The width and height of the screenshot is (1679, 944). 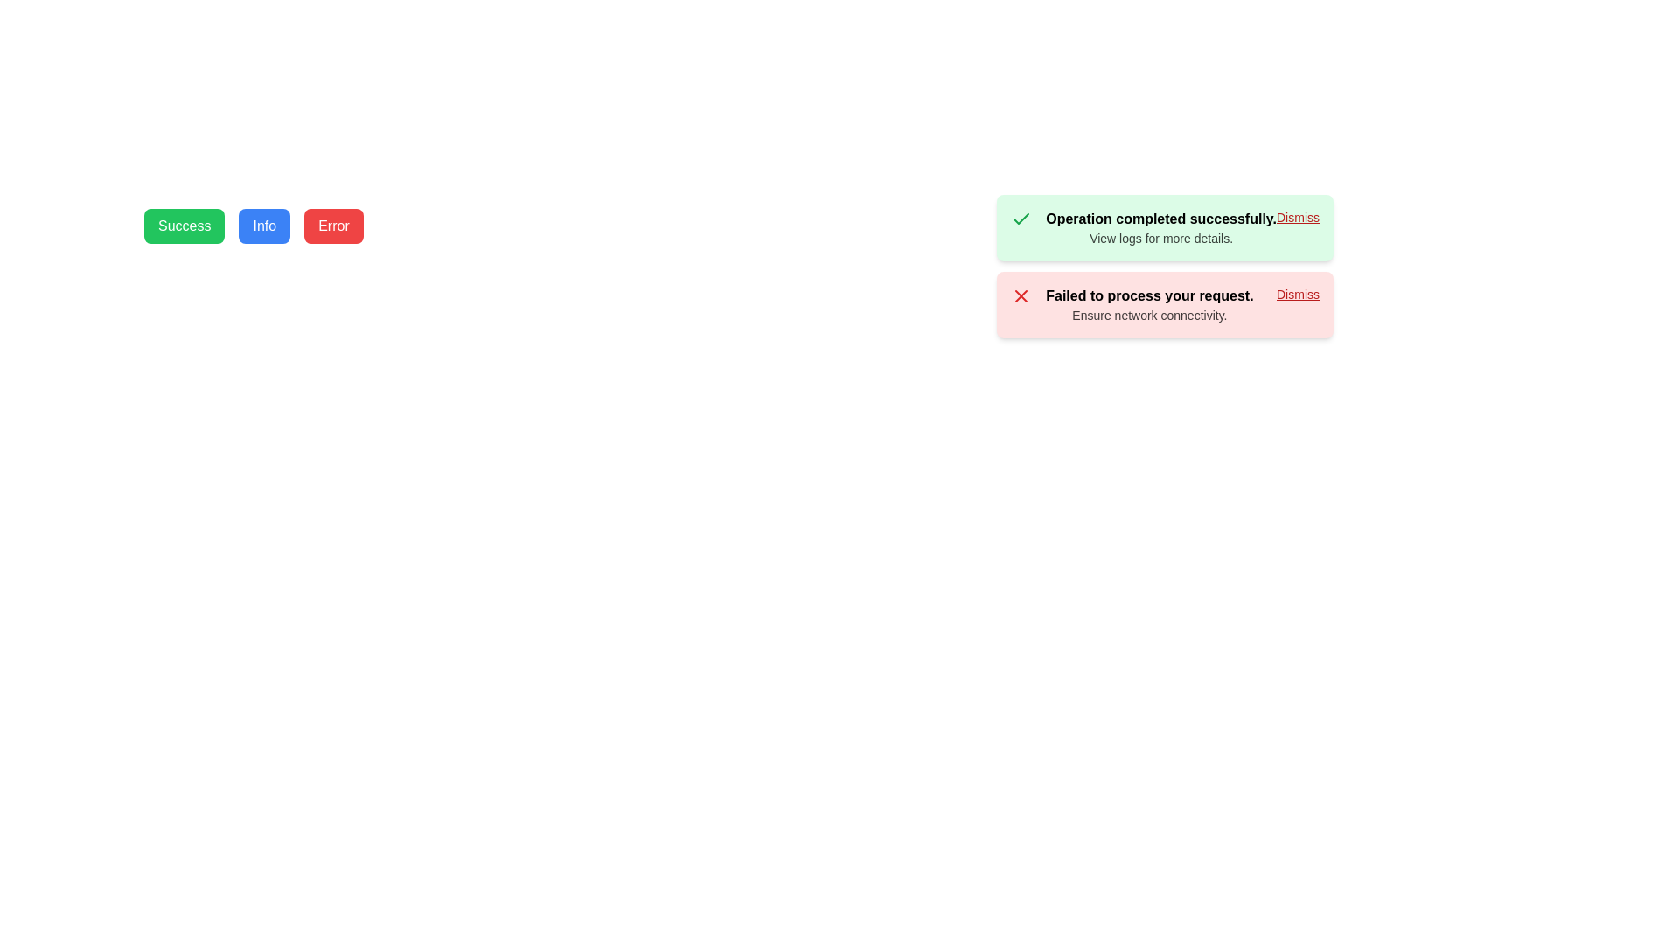 What do you see at coordinates (333, 225) in the screenshot?
I see `the 'Error' button, which is the third button in a horizontal sequence of buttons labeled 'Success,' 'Info,' and 'Error,'` at bounding box center [333, 225].